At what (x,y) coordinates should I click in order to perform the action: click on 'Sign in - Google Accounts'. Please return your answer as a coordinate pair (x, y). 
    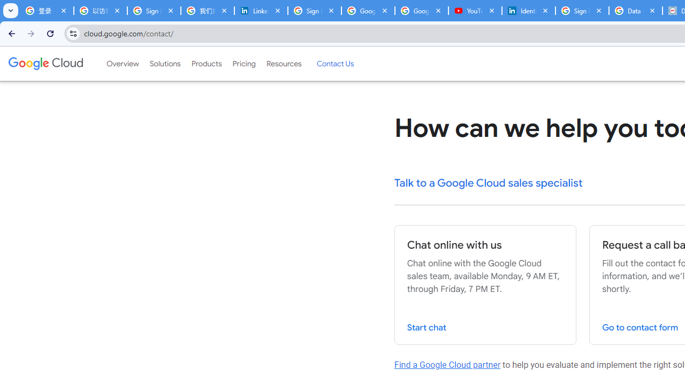
    Looking at the image, I should click on (314, 11).